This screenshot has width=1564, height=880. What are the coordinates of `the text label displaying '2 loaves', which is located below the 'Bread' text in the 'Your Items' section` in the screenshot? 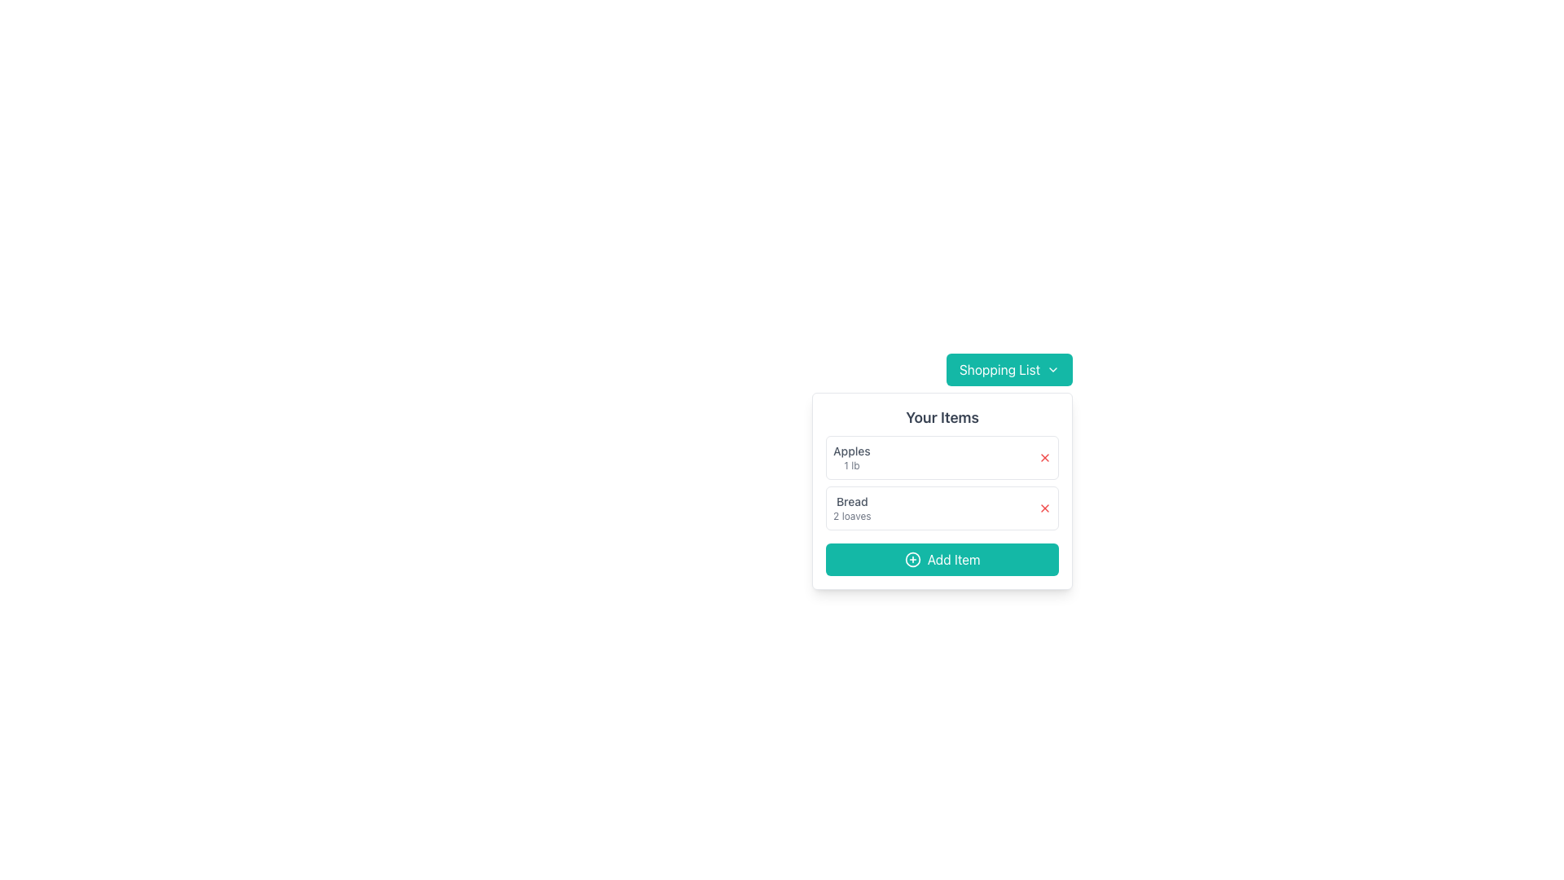 It's located at (851, 516).